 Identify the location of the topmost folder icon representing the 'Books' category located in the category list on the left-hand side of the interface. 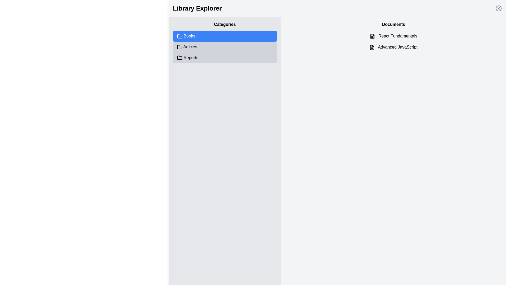
(179, 36).